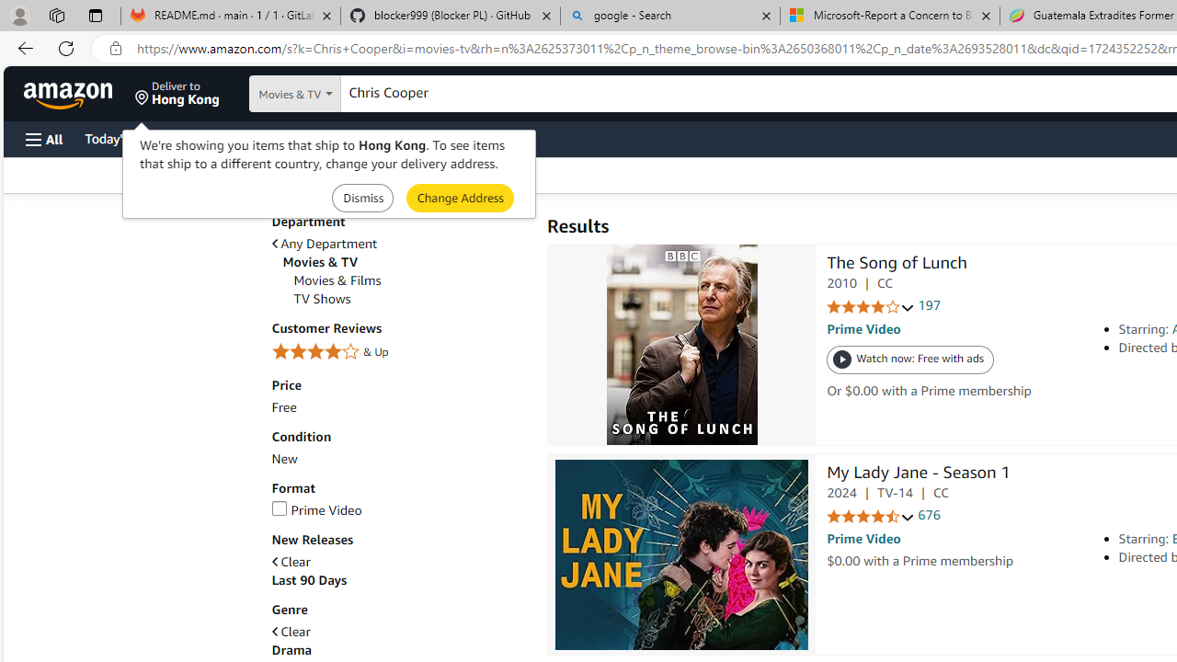  Describe the element at coordinates (309, 580) in the screenshot. I see `'Last 90 Days'` at that location.